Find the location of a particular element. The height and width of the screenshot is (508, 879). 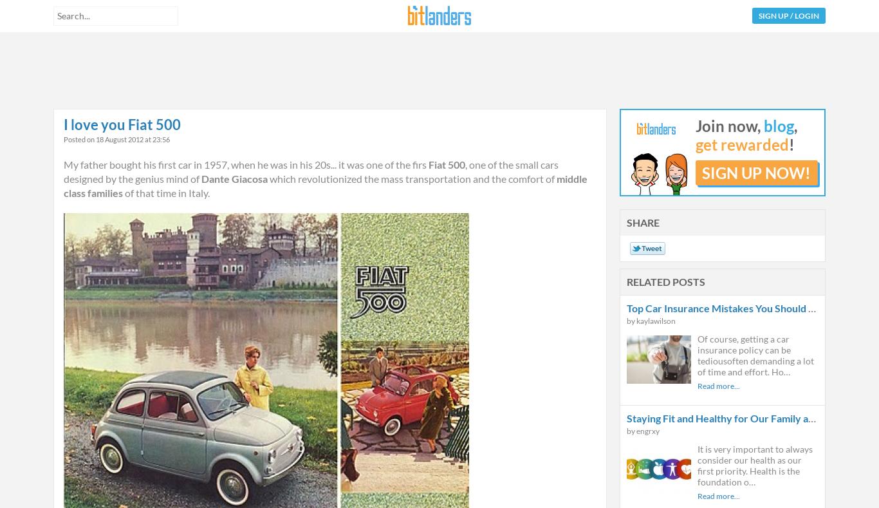

'SIGN UP /' is located at coordinates (776, 15).